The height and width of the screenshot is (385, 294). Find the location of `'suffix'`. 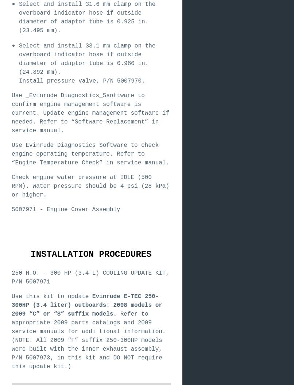

'suffix' is located at coordinates (67, 314).